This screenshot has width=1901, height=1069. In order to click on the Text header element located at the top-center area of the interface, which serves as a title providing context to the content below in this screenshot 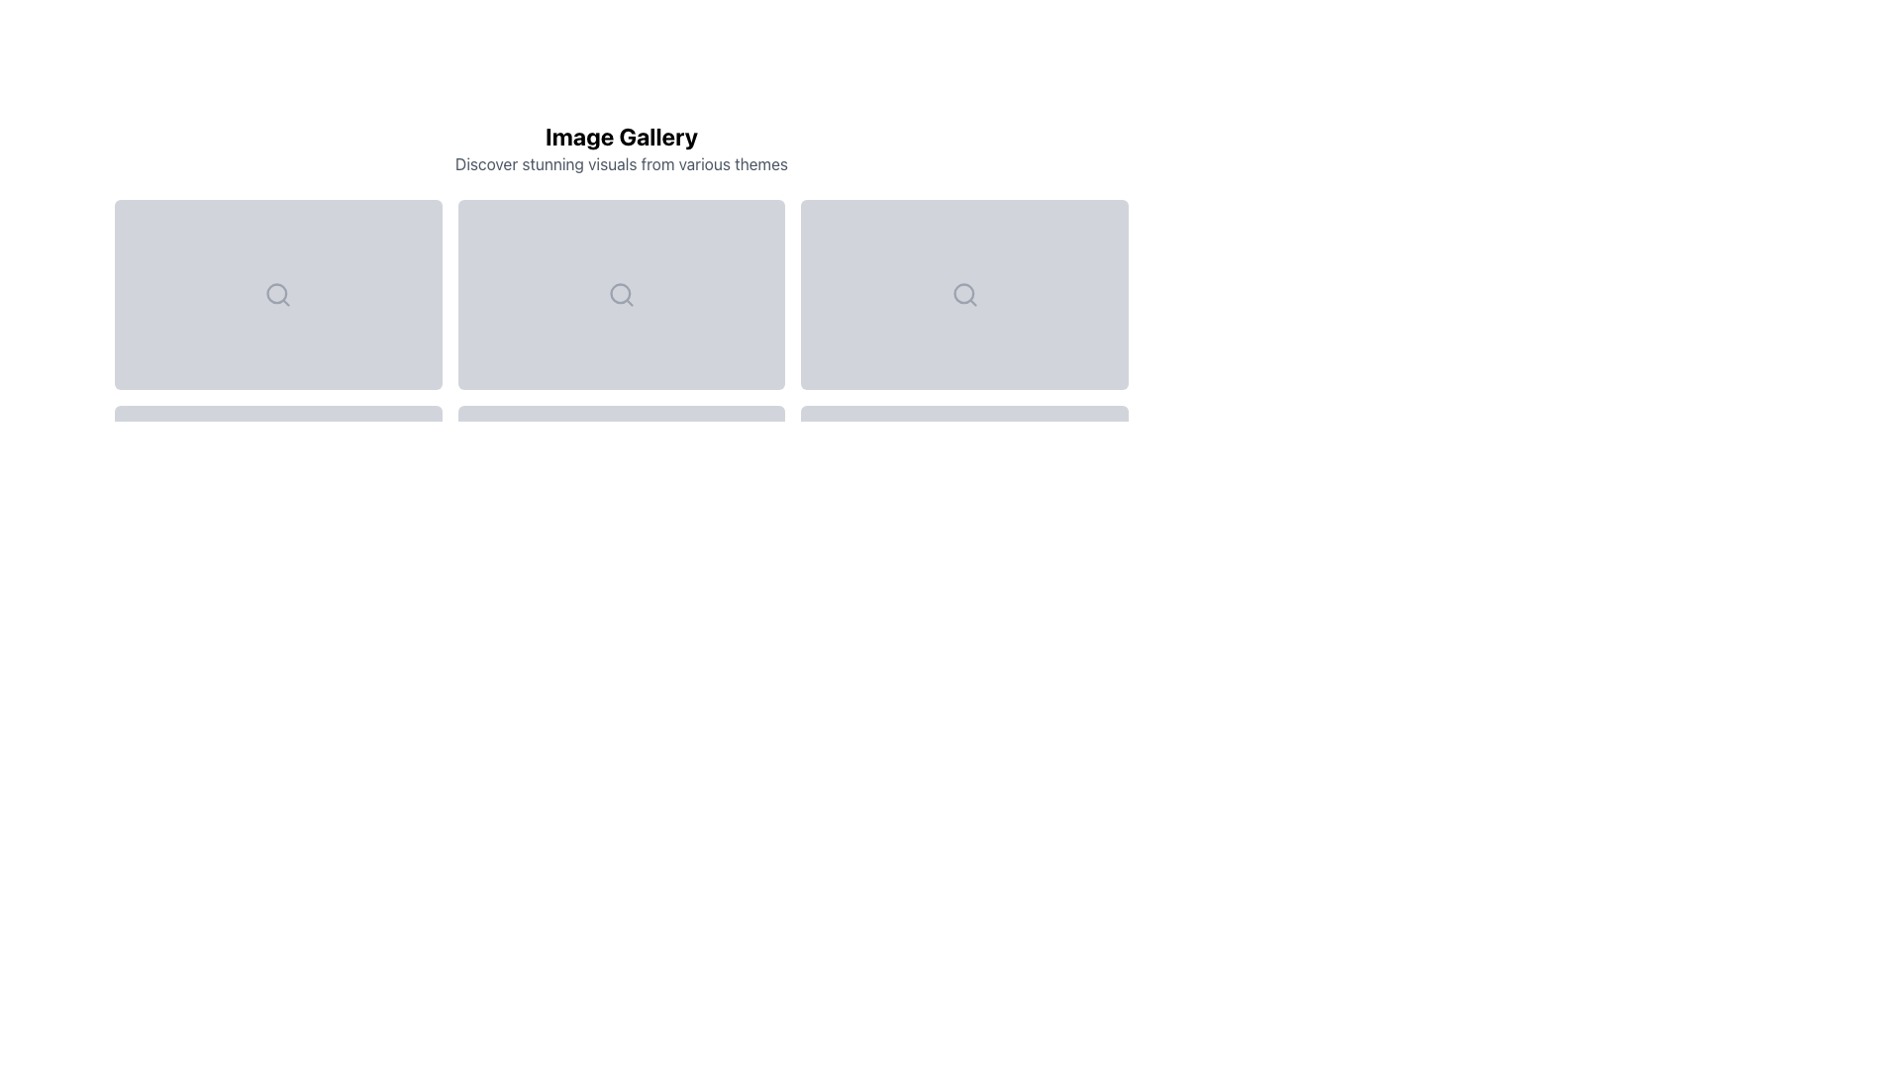, I will do `click(621, 136)`.